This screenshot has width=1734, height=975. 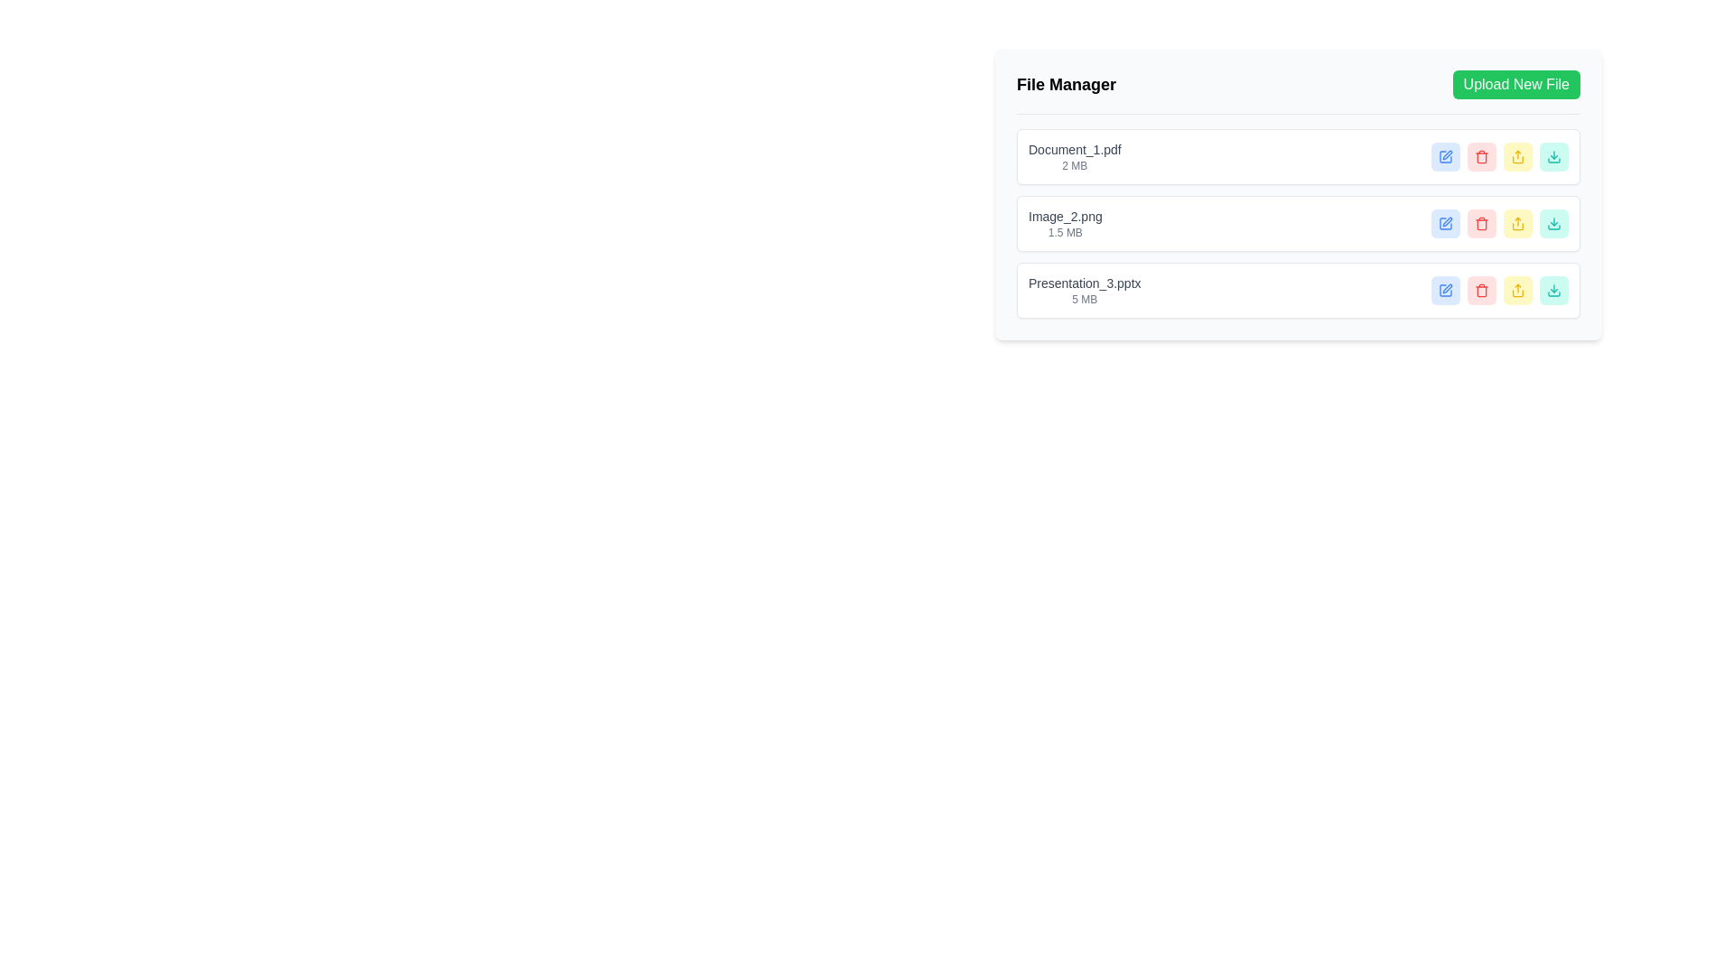 I want to click on the share action button located in the 'File Manager' section, which is the fourth button from the left in a row of horizontally aligned buttons, so click(x=1517, y=155).